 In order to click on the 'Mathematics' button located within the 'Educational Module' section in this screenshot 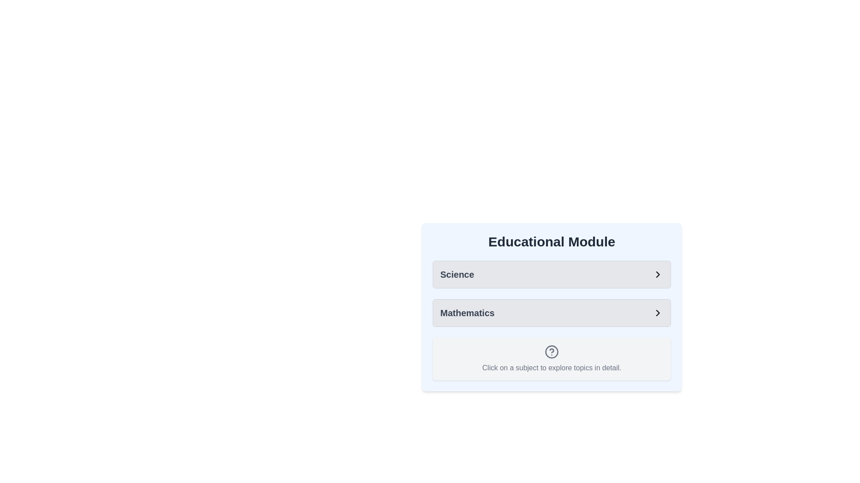, I will do `click(551, 306)`.